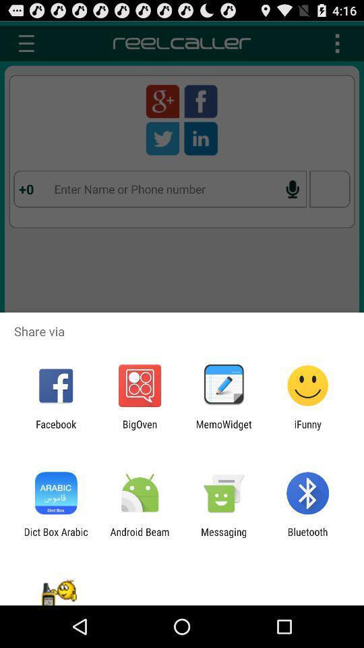  I want to click on the facebook icon, so click(55, 429).